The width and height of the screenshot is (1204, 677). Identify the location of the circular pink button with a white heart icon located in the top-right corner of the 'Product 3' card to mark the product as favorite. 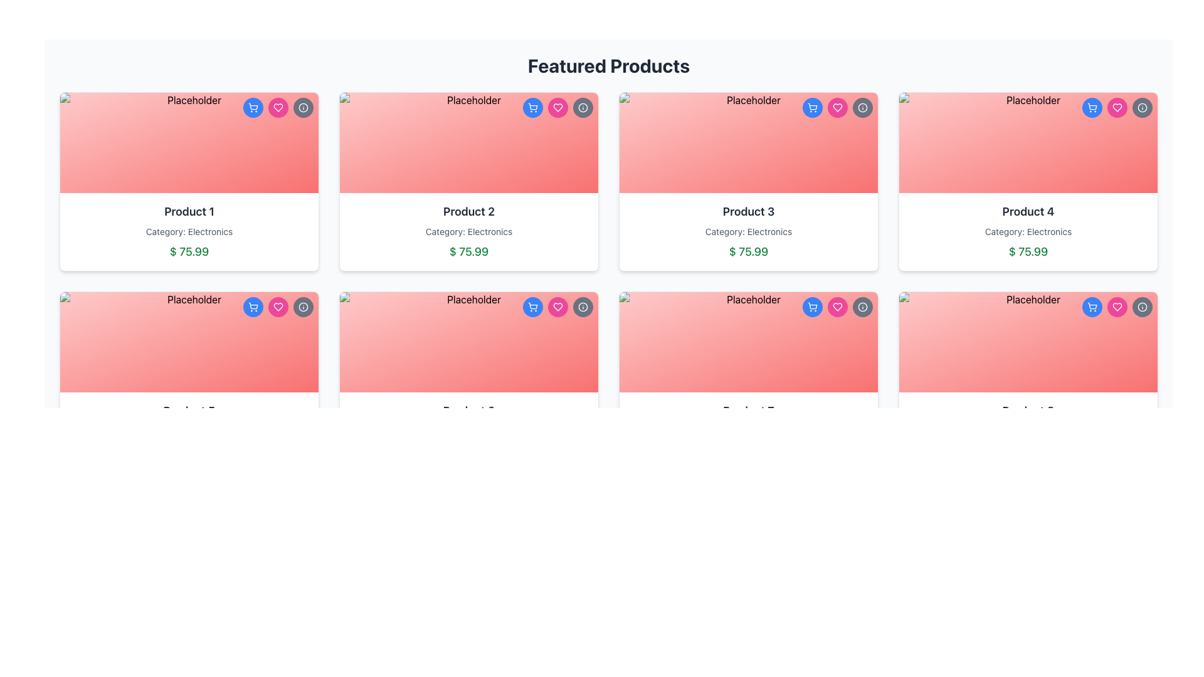
(837, 107).